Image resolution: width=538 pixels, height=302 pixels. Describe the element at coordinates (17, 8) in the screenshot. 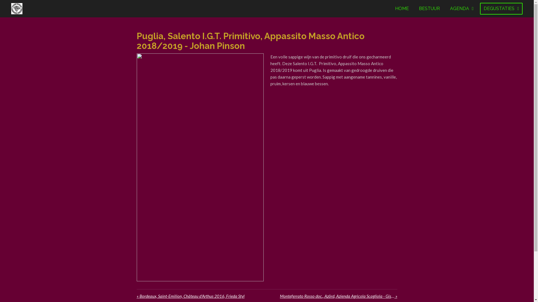

I see `'Commanderij Westhoek'` at that location.